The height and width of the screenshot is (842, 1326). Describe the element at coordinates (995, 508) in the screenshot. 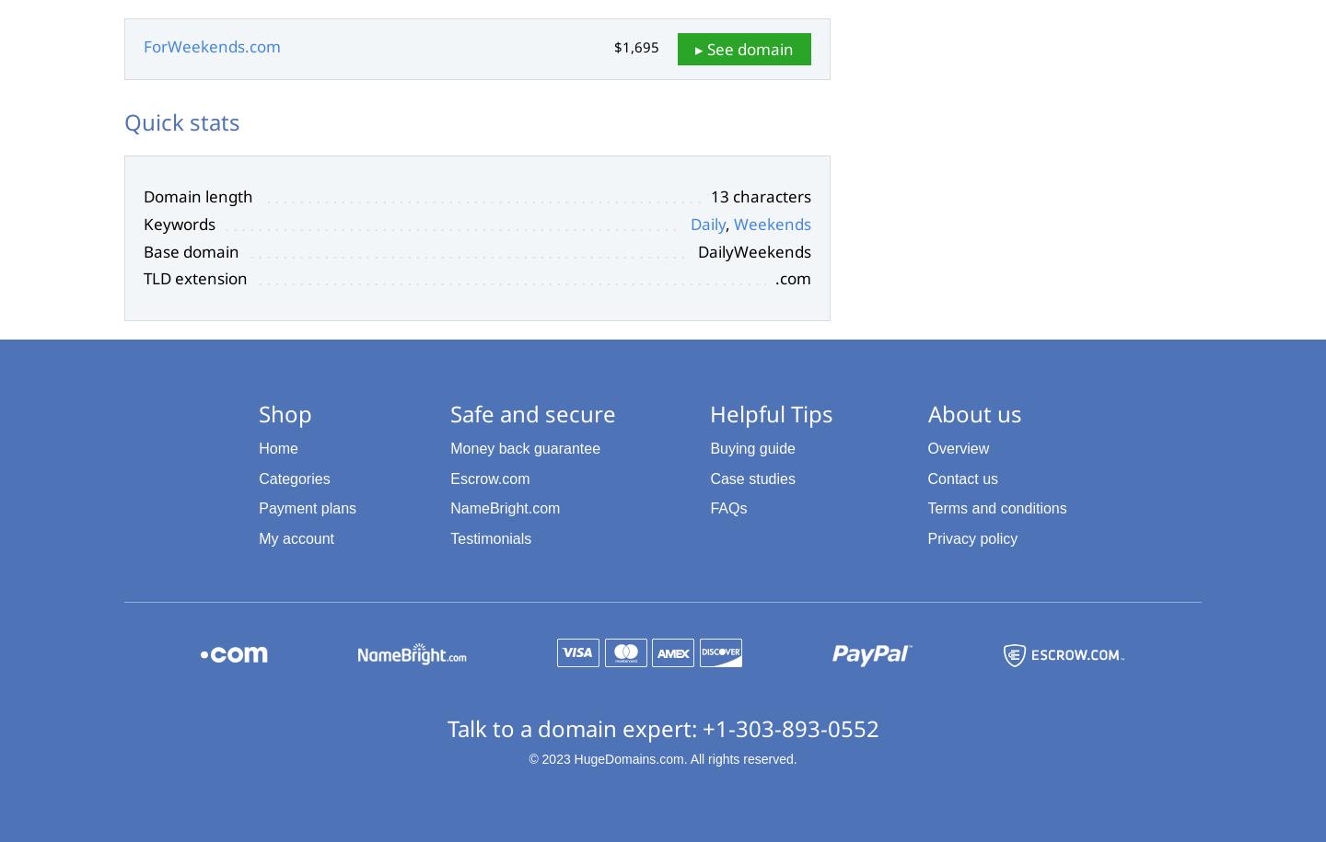

I see `'Terms and conditions'` at that location.